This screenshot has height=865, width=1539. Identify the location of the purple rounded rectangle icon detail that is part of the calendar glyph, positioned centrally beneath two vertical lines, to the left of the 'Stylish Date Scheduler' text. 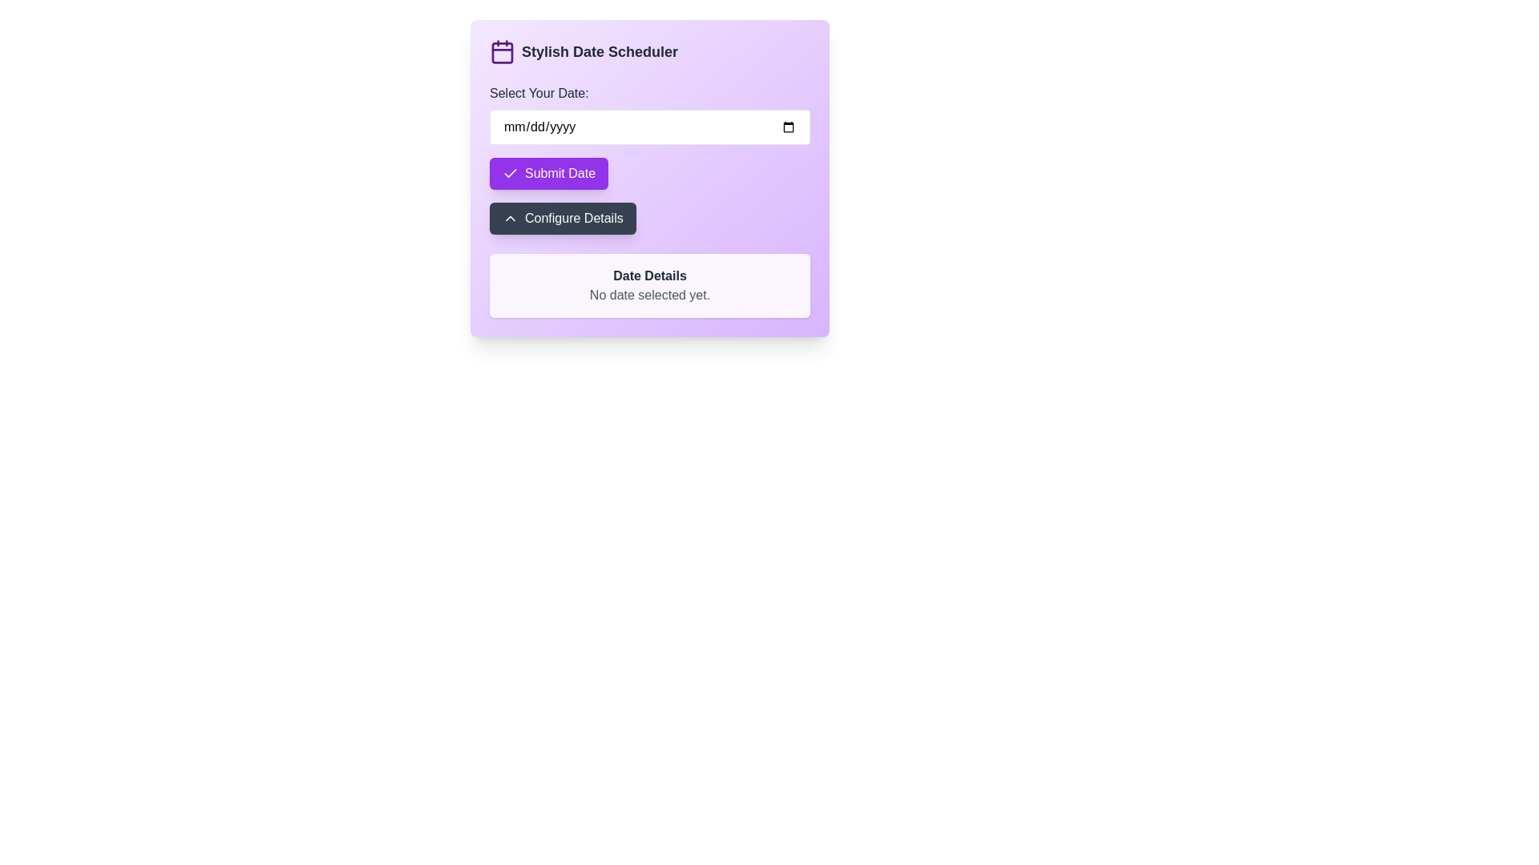
(502, 51).